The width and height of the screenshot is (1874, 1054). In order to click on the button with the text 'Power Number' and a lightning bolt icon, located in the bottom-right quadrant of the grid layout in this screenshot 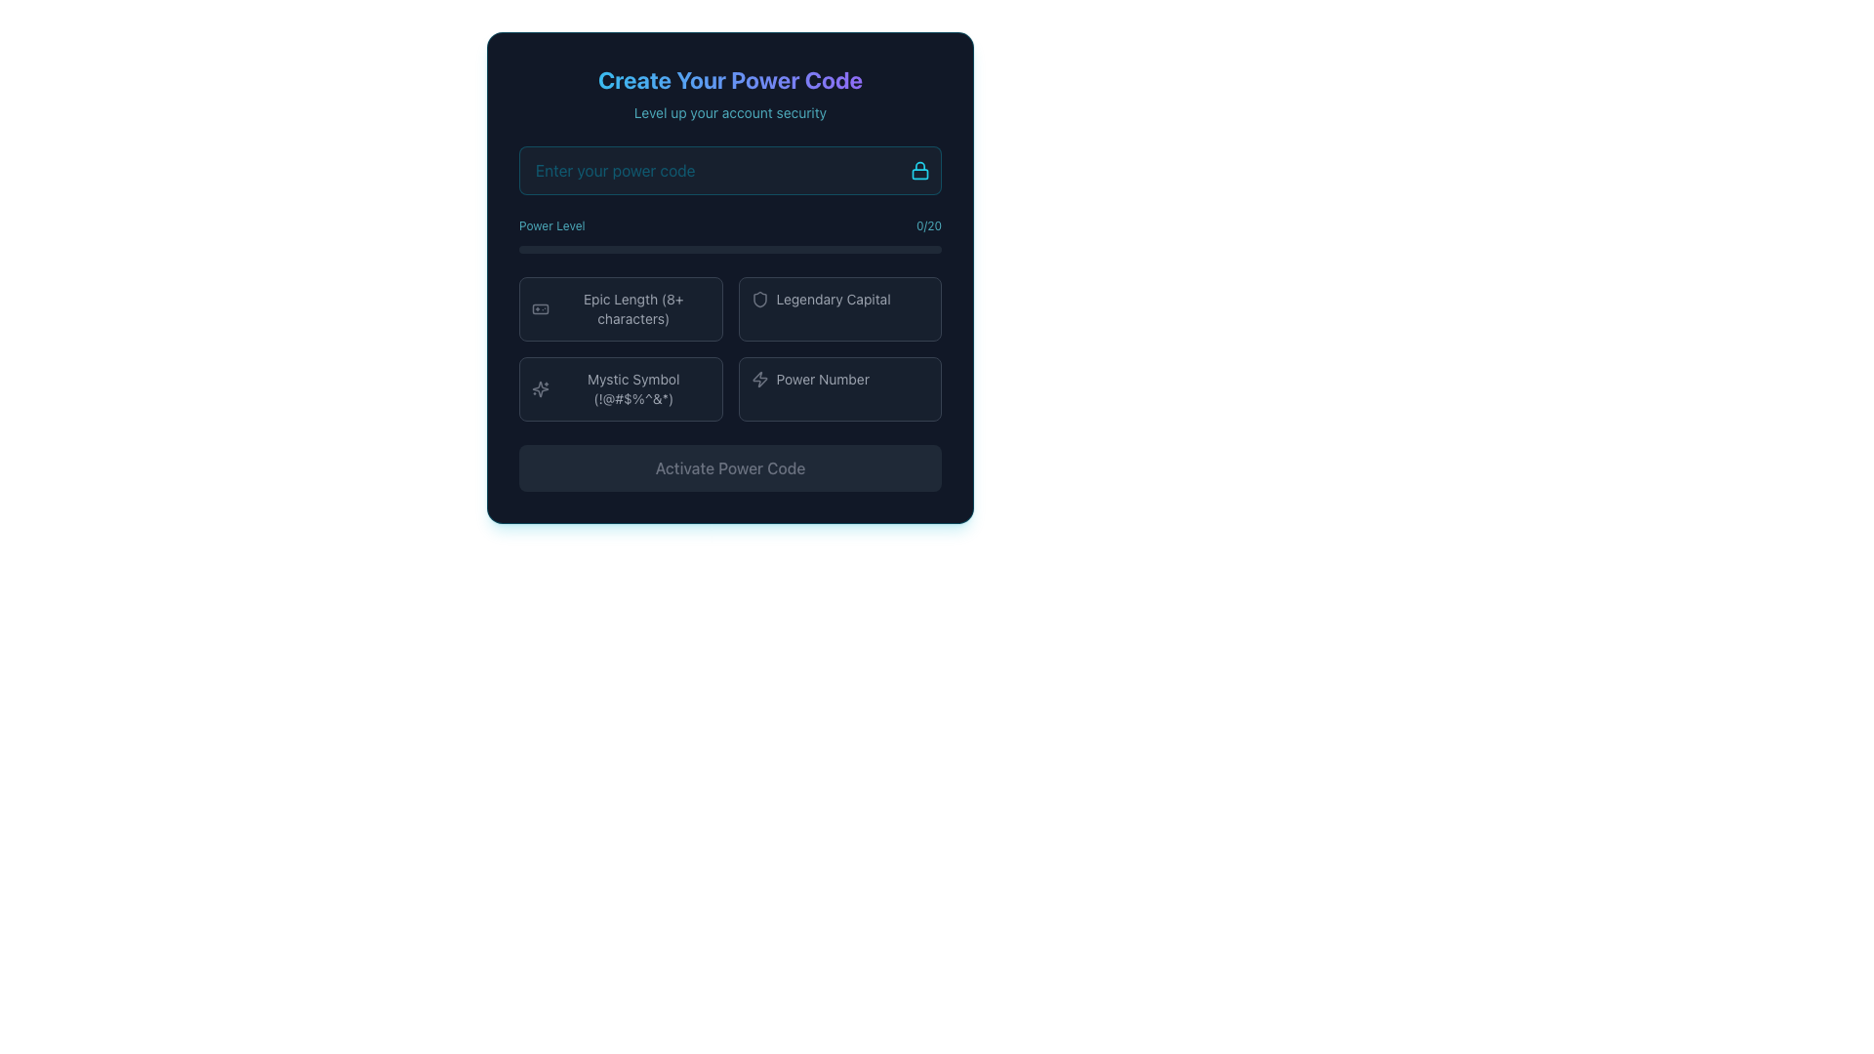, I will do `click(839, 388)`.